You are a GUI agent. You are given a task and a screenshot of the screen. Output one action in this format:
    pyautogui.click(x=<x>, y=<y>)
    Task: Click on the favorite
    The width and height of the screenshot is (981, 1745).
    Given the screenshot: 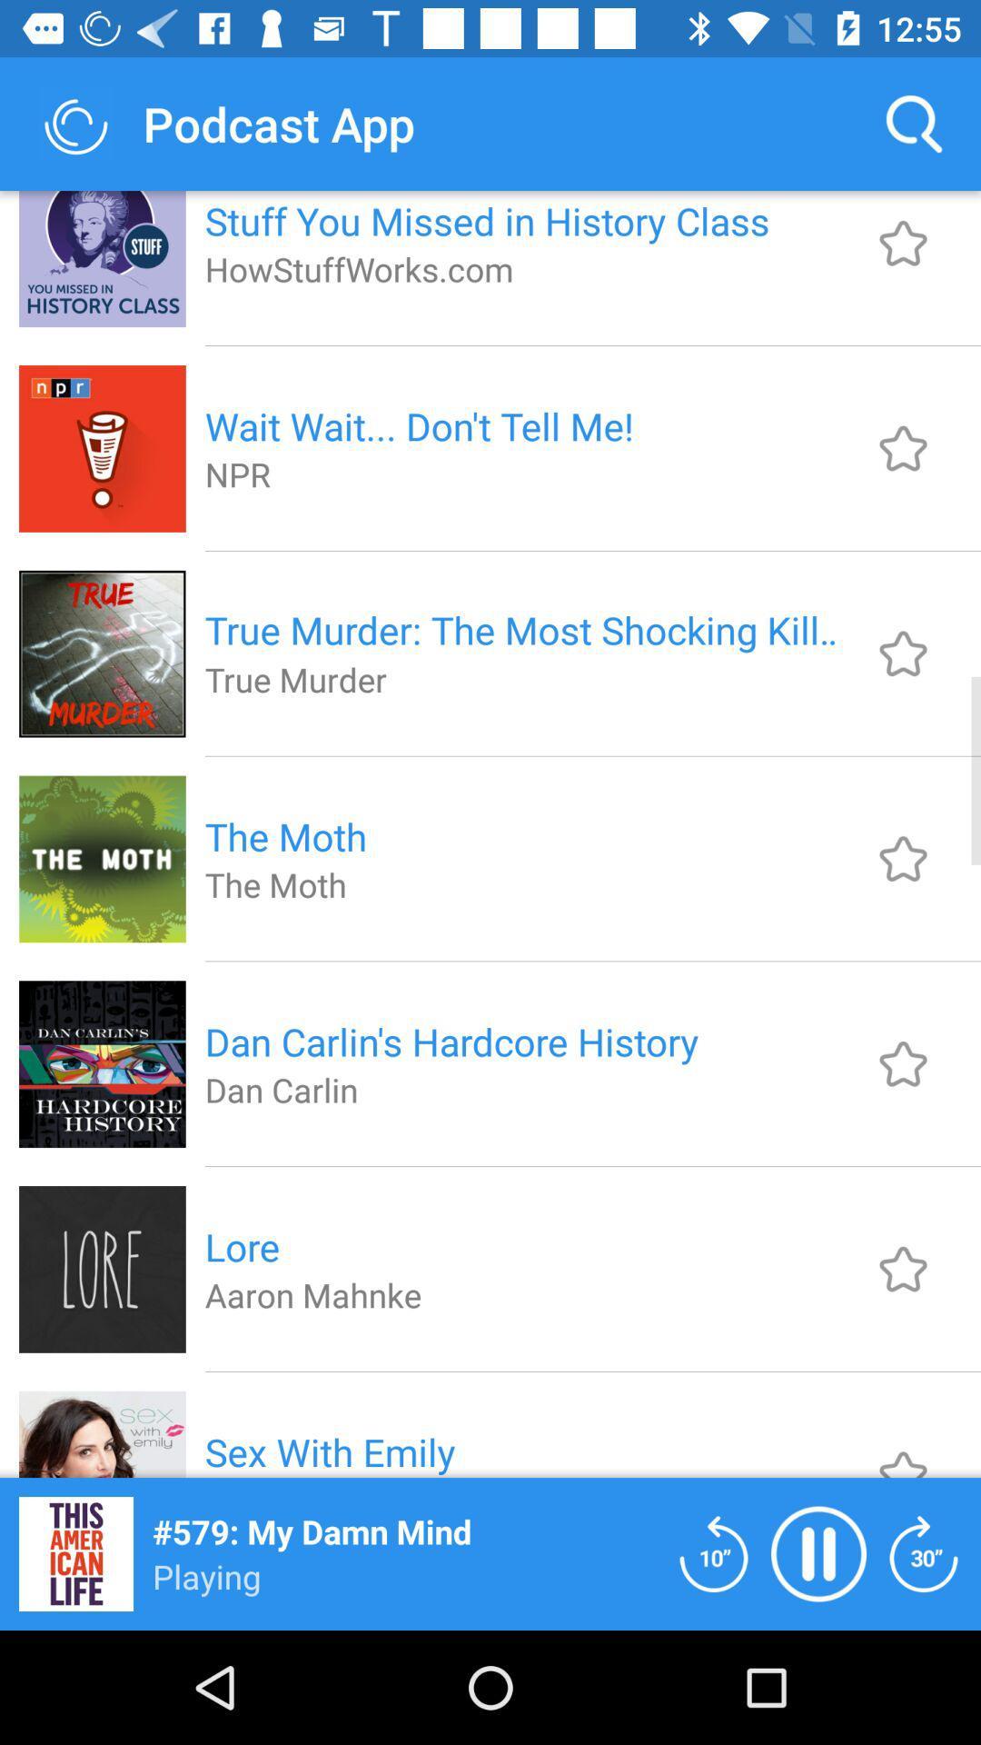 What is the action you would take?
    pyautogui.click(x=903, y=858)
    